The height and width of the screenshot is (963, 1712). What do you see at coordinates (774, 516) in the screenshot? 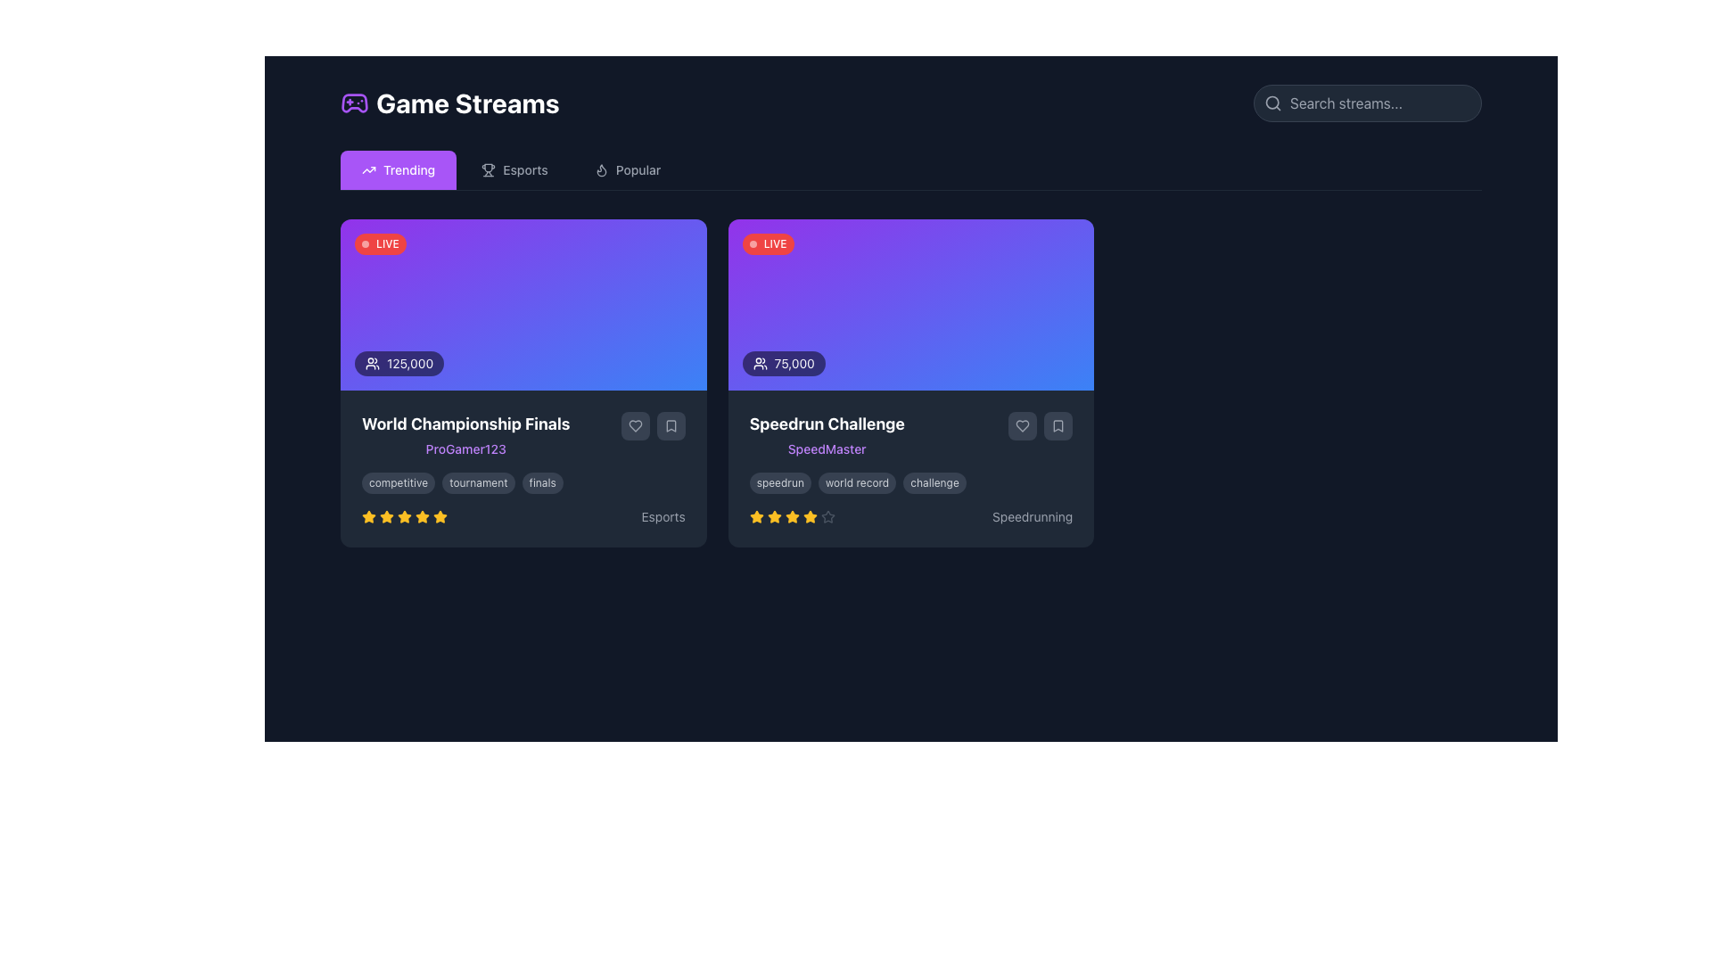
I see `the third star-shaped icon from the left in a row of six stars located at the bottom of the second card under the title 'Speedrun Challenge' to interact or highlight it` at bounding box center [774, 516].